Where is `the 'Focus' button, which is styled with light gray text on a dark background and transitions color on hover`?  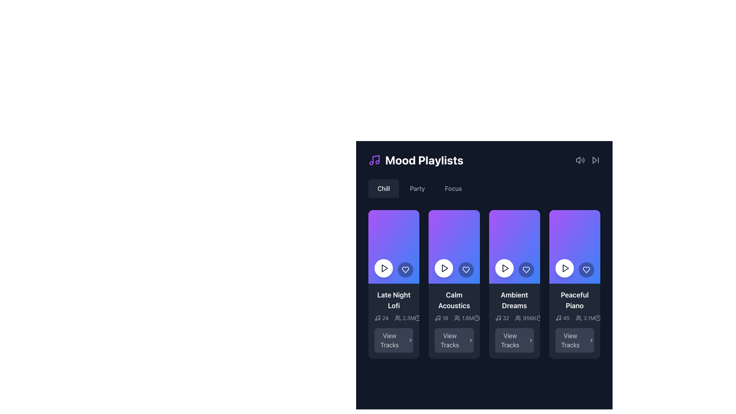
the 'Focus' button, which is styled with light gray text on a dark background and transitions color on hover is located at coordinates (453, 189).